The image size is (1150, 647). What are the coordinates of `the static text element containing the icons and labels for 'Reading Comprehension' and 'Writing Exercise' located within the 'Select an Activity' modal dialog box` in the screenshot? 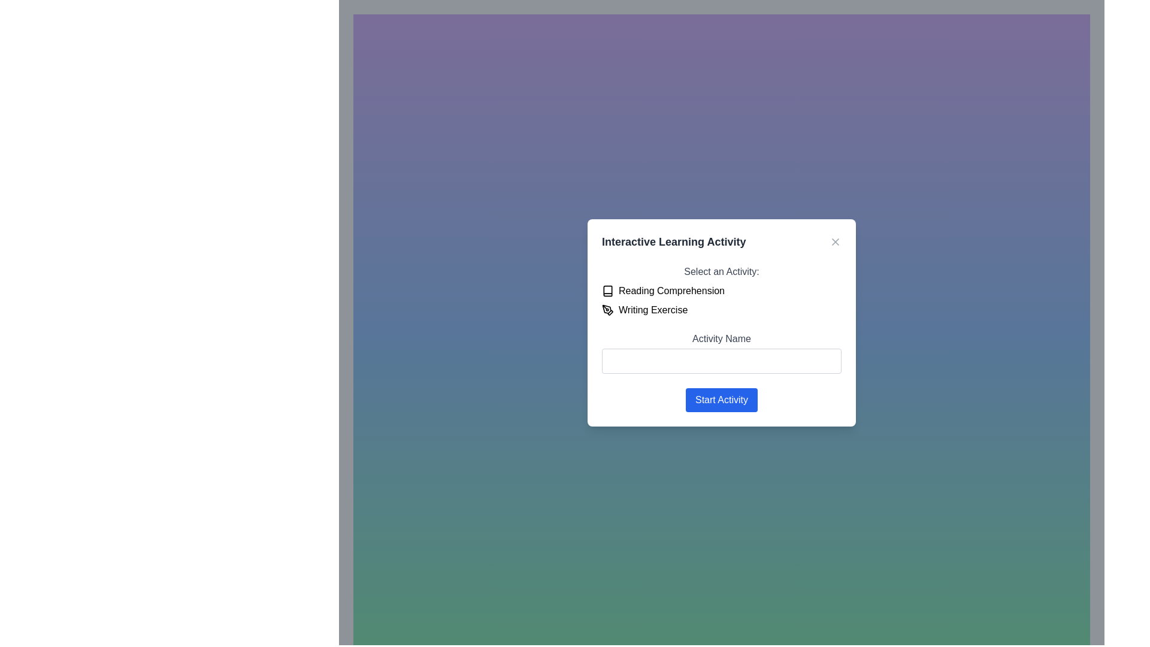 It's located at (721, 300).